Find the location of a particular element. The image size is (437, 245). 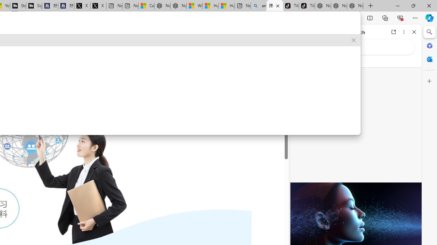

'Web scope' is located at coordinates (301, 61).